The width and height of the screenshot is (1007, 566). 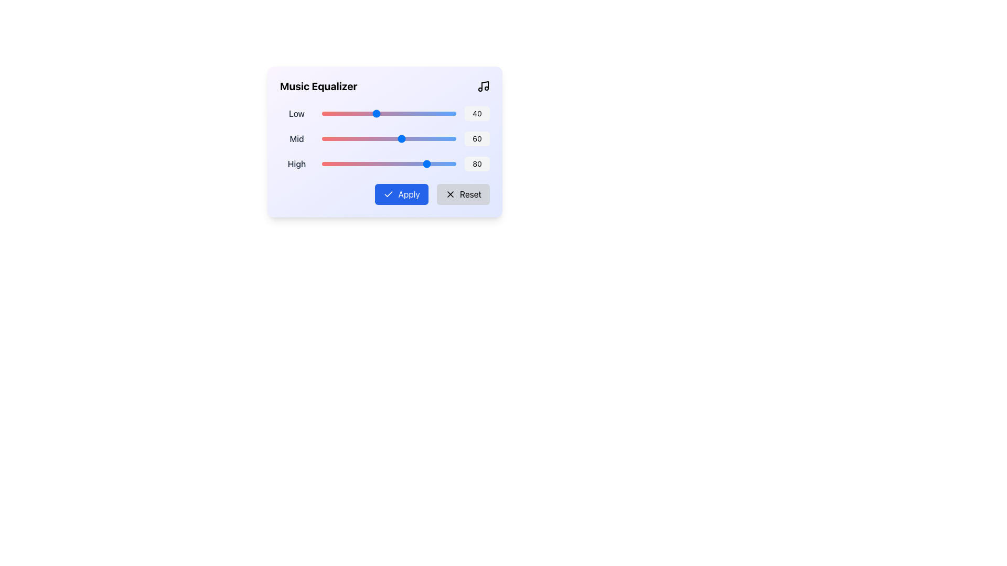 I want to click on the low equalizer slider, so click(x=339, y=113).